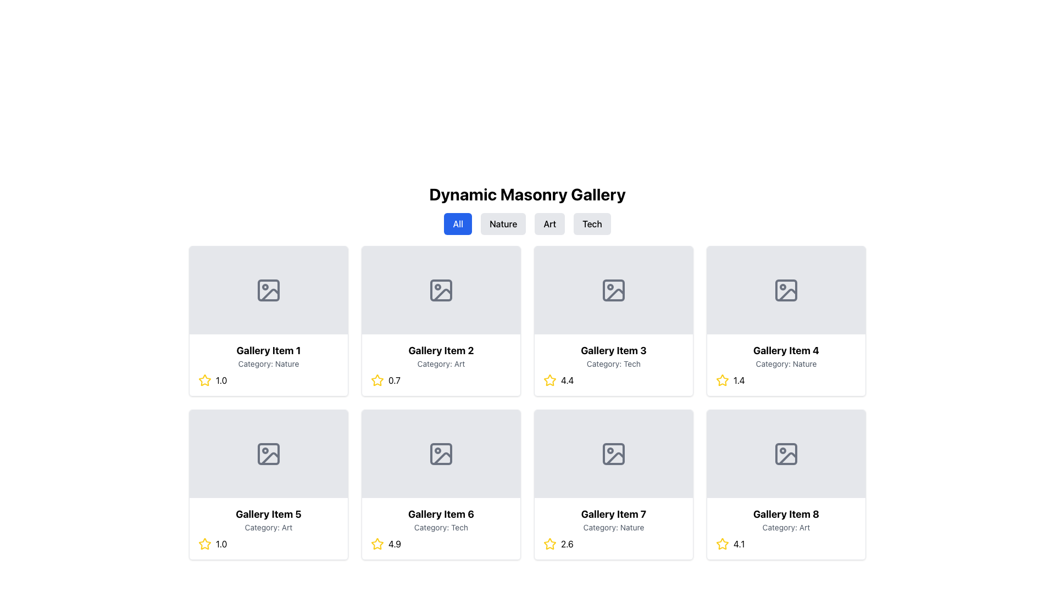 The image size is (1055, 593). I want to click on text displayed in the Card or Tile Component located in the second row and first column of the grid layout, the fifth item below 'Gallery Item 1', so click(269, 528).